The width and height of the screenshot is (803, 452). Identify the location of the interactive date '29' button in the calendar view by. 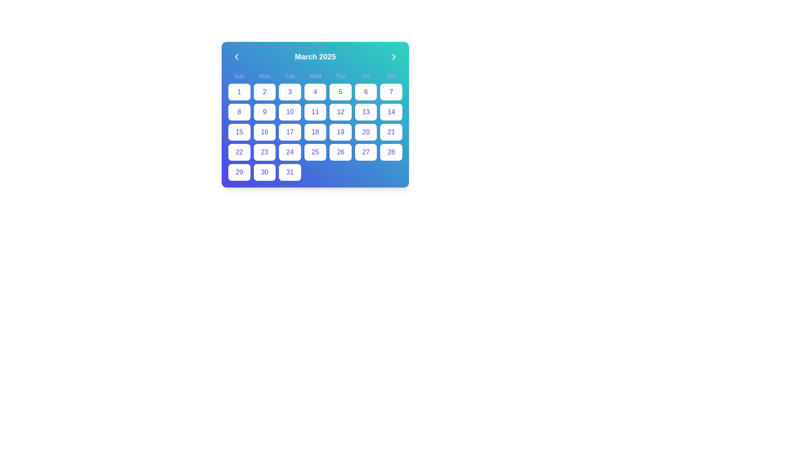
(239, 172).